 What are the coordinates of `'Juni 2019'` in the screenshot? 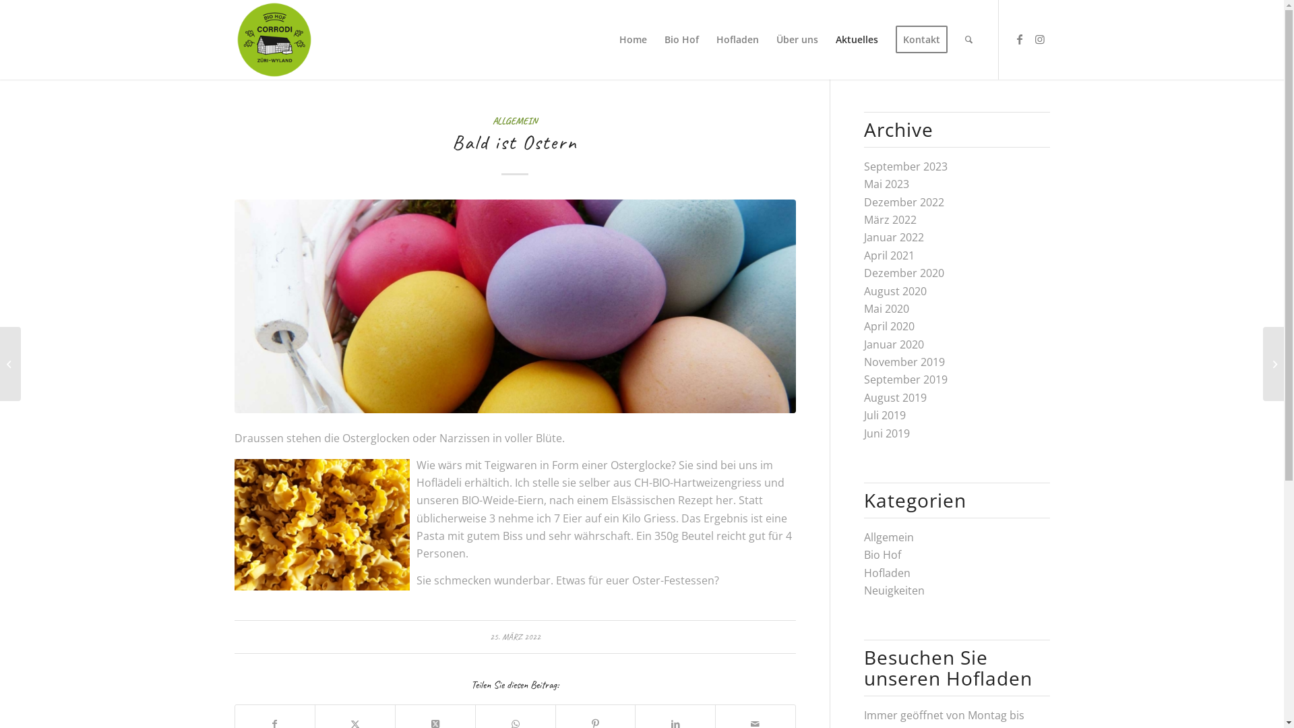 It's located at (886, 433).